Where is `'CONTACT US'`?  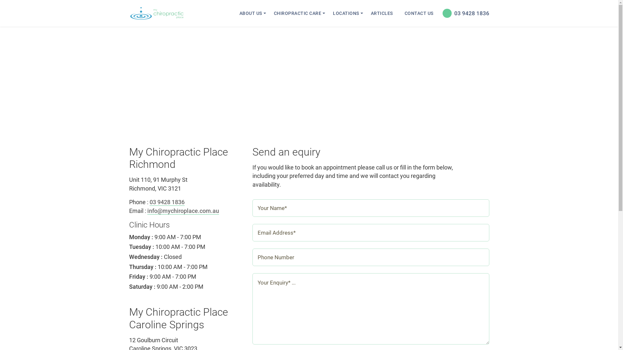
'CONTACT US' is located at coordinates (400, 13).